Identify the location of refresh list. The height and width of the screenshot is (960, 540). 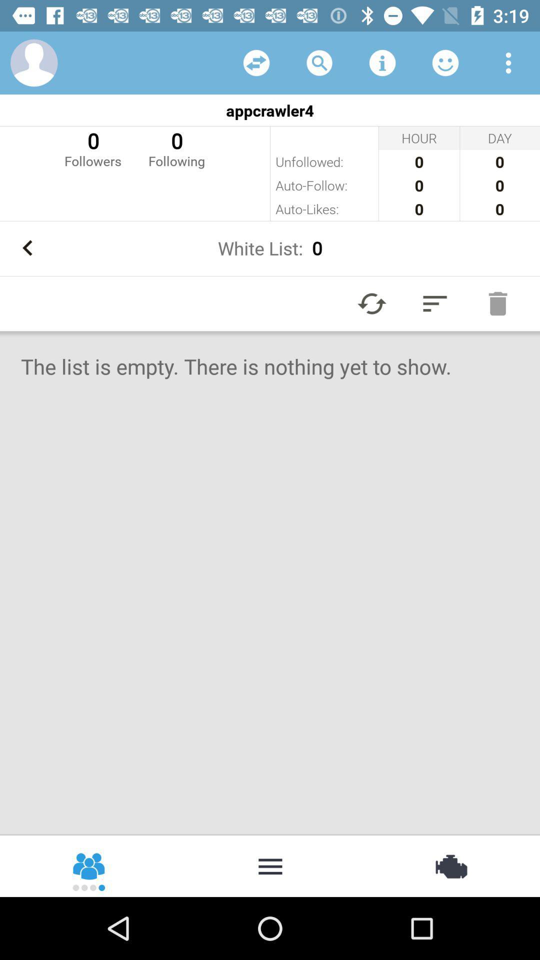
(372, 303).